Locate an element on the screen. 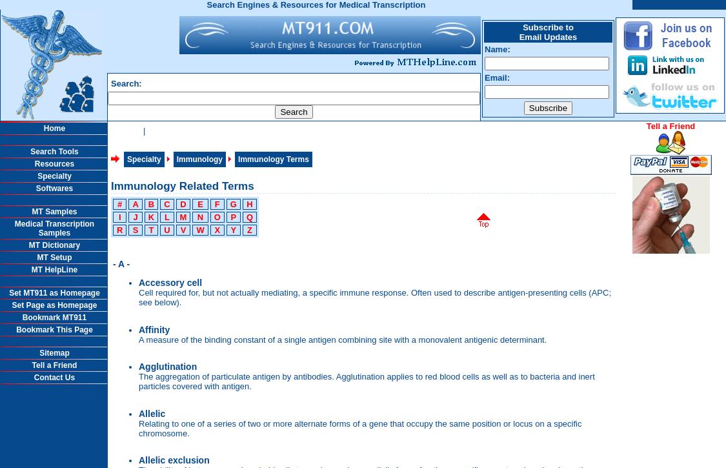 The height and width of the screenshot is (468, 726). 'MT Dictionary' is located at coordinates (54, 244).